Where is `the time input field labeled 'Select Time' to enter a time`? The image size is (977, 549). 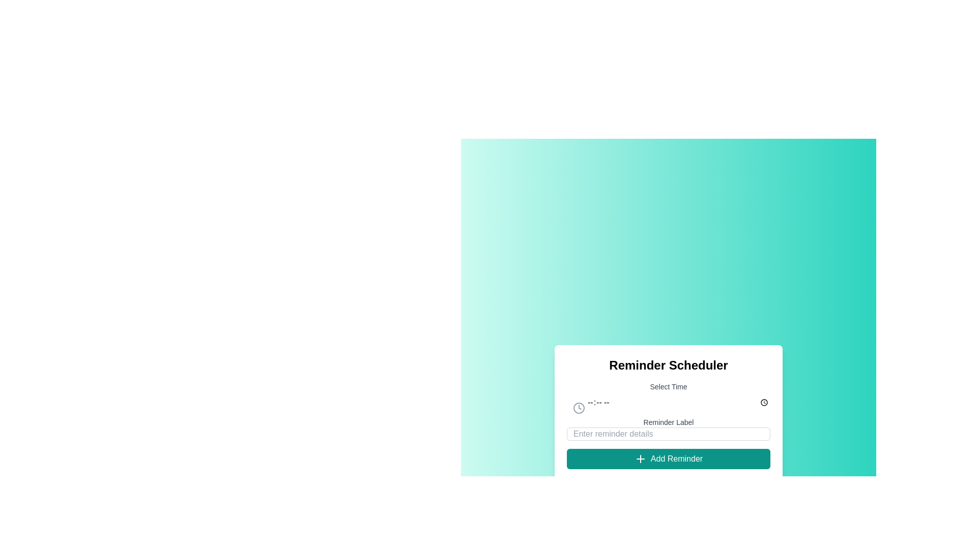
the time input field labeled 'Select Time' to enter a time is located at coordinates (669, 395).